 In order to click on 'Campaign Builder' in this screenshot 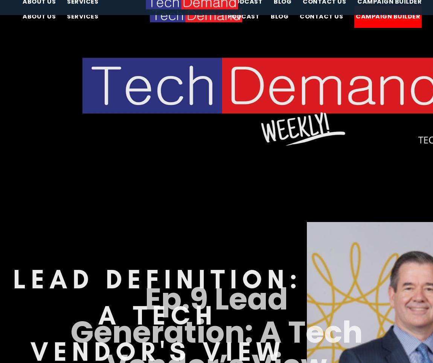, I will do `click(388, 16)`.